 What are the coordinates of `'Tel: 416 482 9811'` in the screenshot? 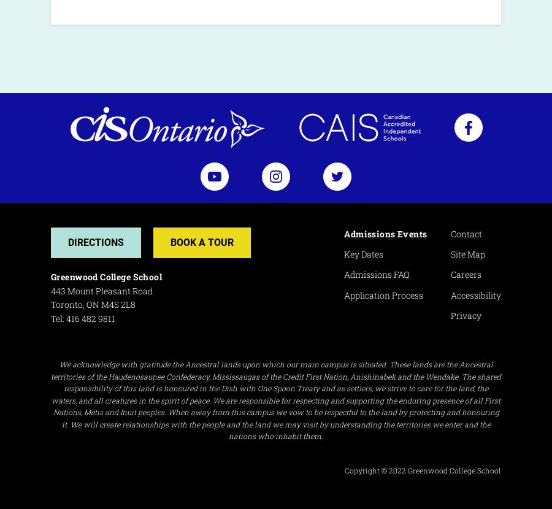 It's located at (83, 318).